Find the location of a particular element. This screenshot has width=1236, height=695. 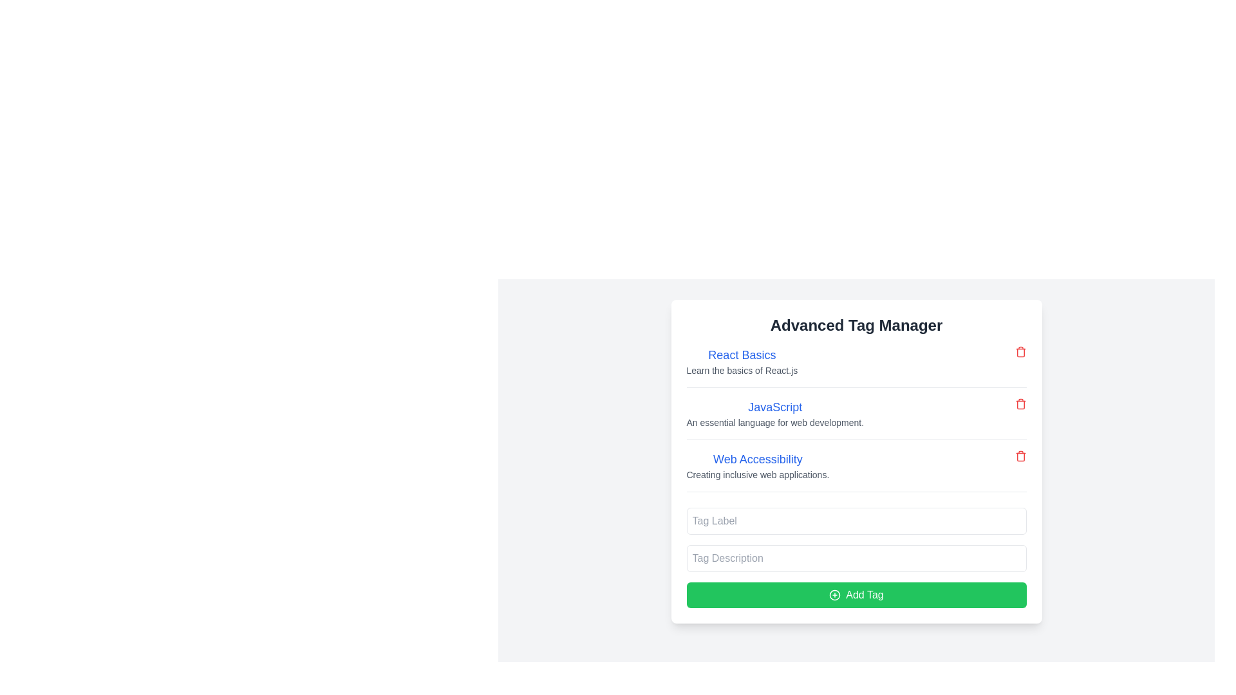

the text label providing a description related to the 'Web Accessibility' heading for copying is located at coordinates (758, 474).